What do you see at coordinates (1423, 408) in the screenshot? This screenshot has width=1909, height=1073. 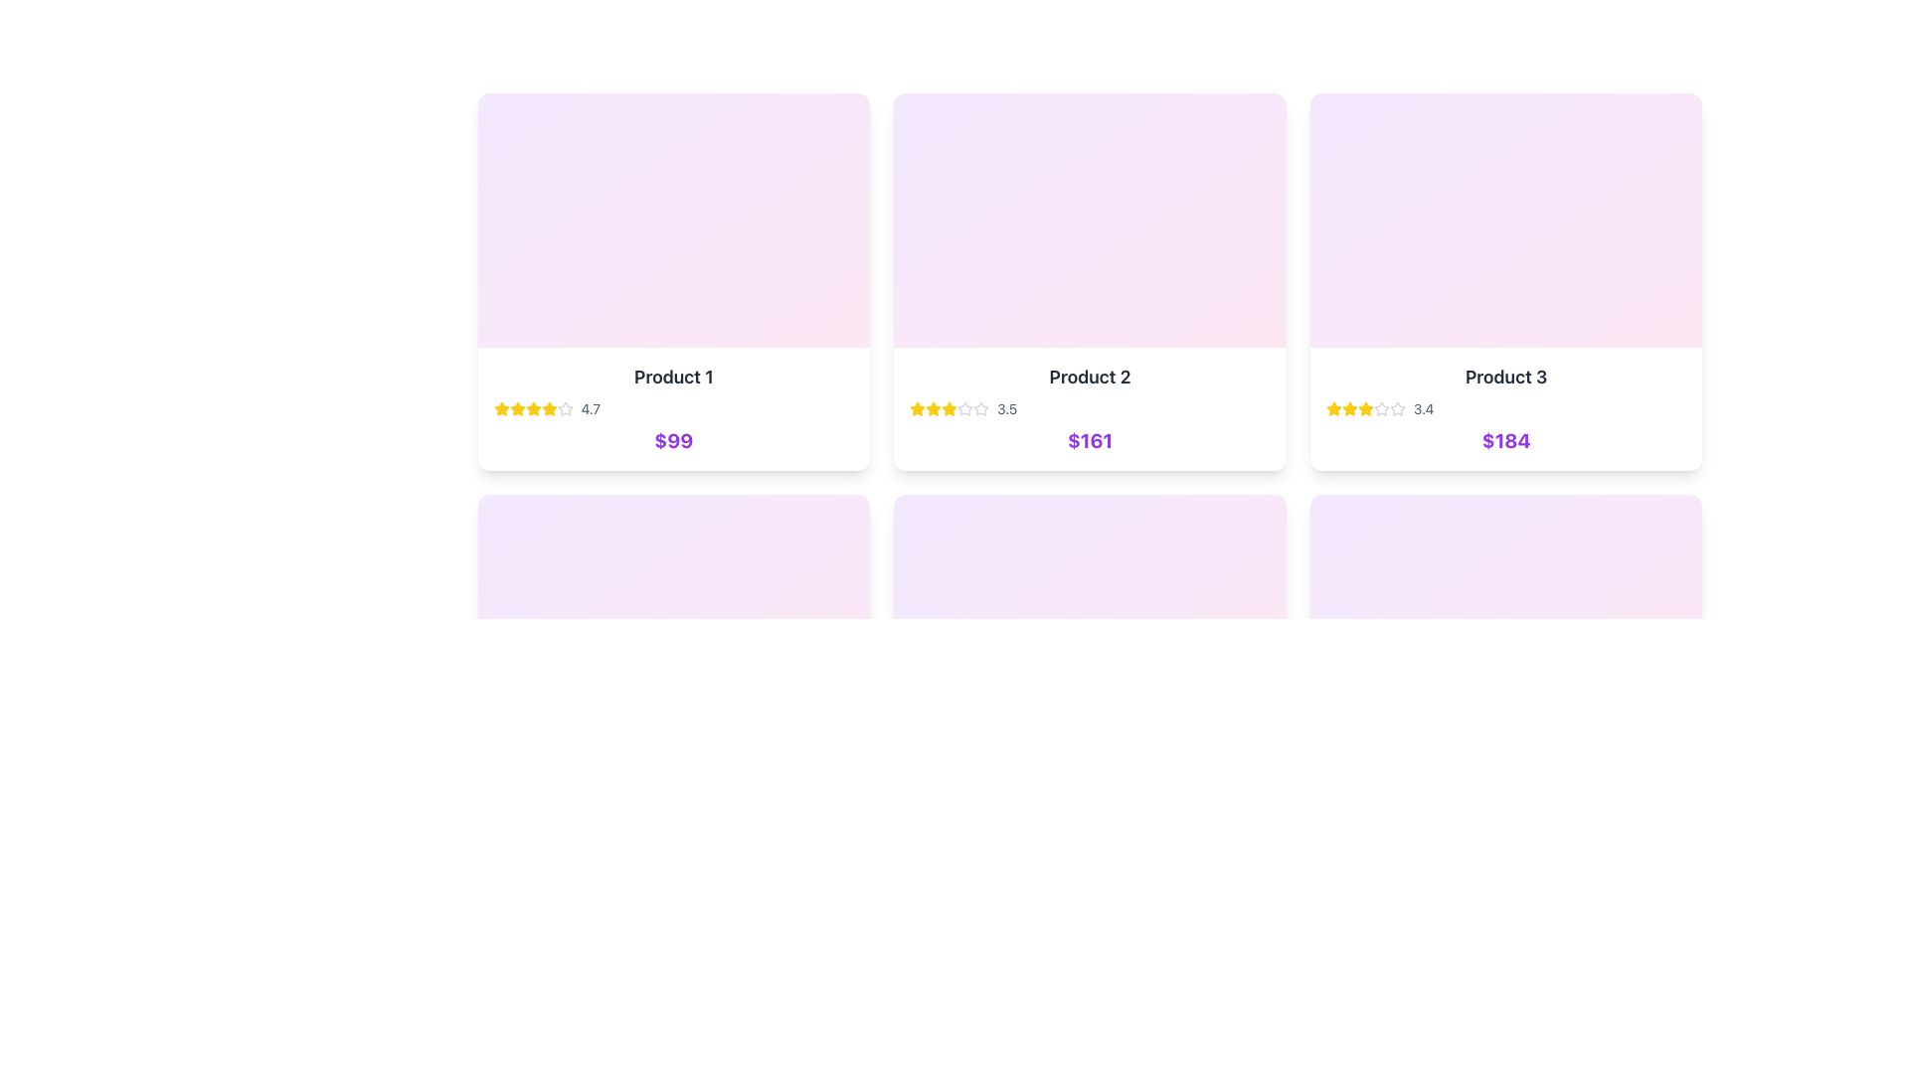 I see `text displayed in the label that shows the average numerical rating next to the star icons in the rating section of 'Product 3' on the third card` at bounding box center [1423, 408].